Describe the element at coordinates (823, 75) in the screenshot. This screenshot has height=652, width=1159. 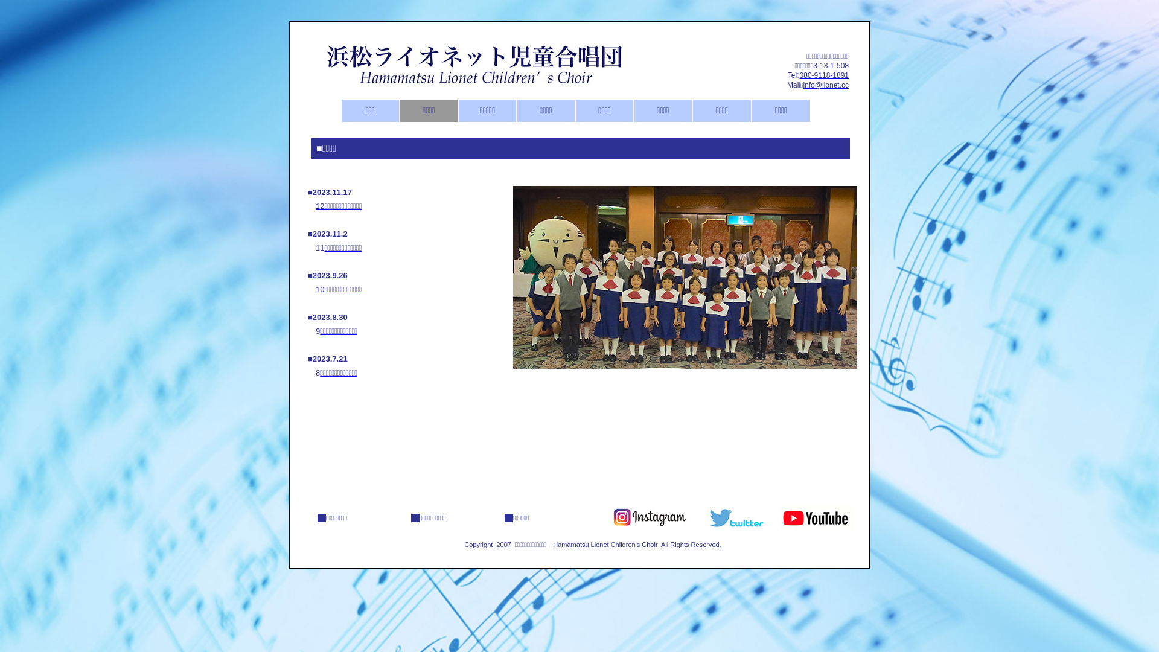
I see `'080-9118-1891'` at that location.